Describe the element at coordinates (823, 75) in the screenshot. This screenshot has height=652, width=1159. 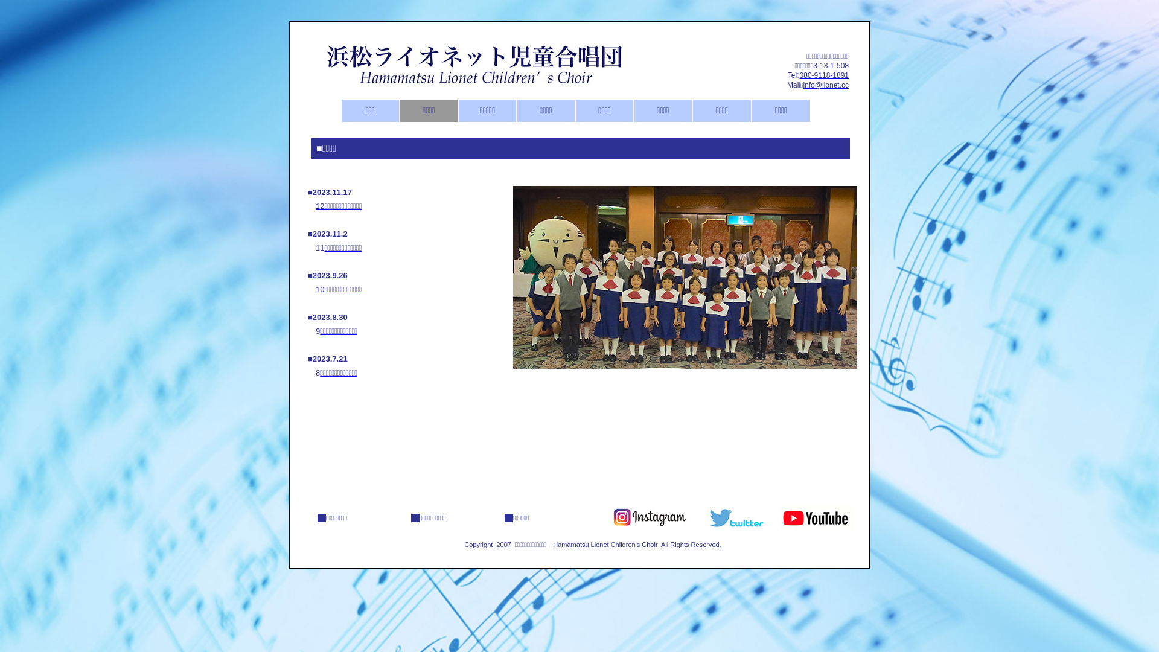
I see `'080-9118-1891'` at that location.